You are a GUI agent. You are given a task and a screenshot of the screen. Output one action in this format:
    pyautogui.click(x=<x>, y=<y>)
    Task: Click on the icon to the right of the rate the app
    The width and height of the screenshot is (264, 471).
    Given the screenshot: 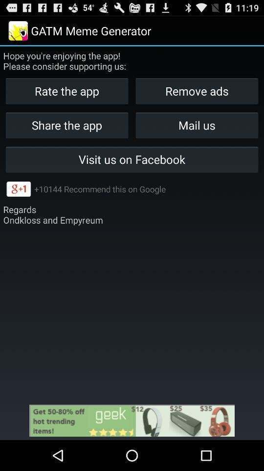 What is the action you would take?
    pyautogui.click(x=197, y=91)
    